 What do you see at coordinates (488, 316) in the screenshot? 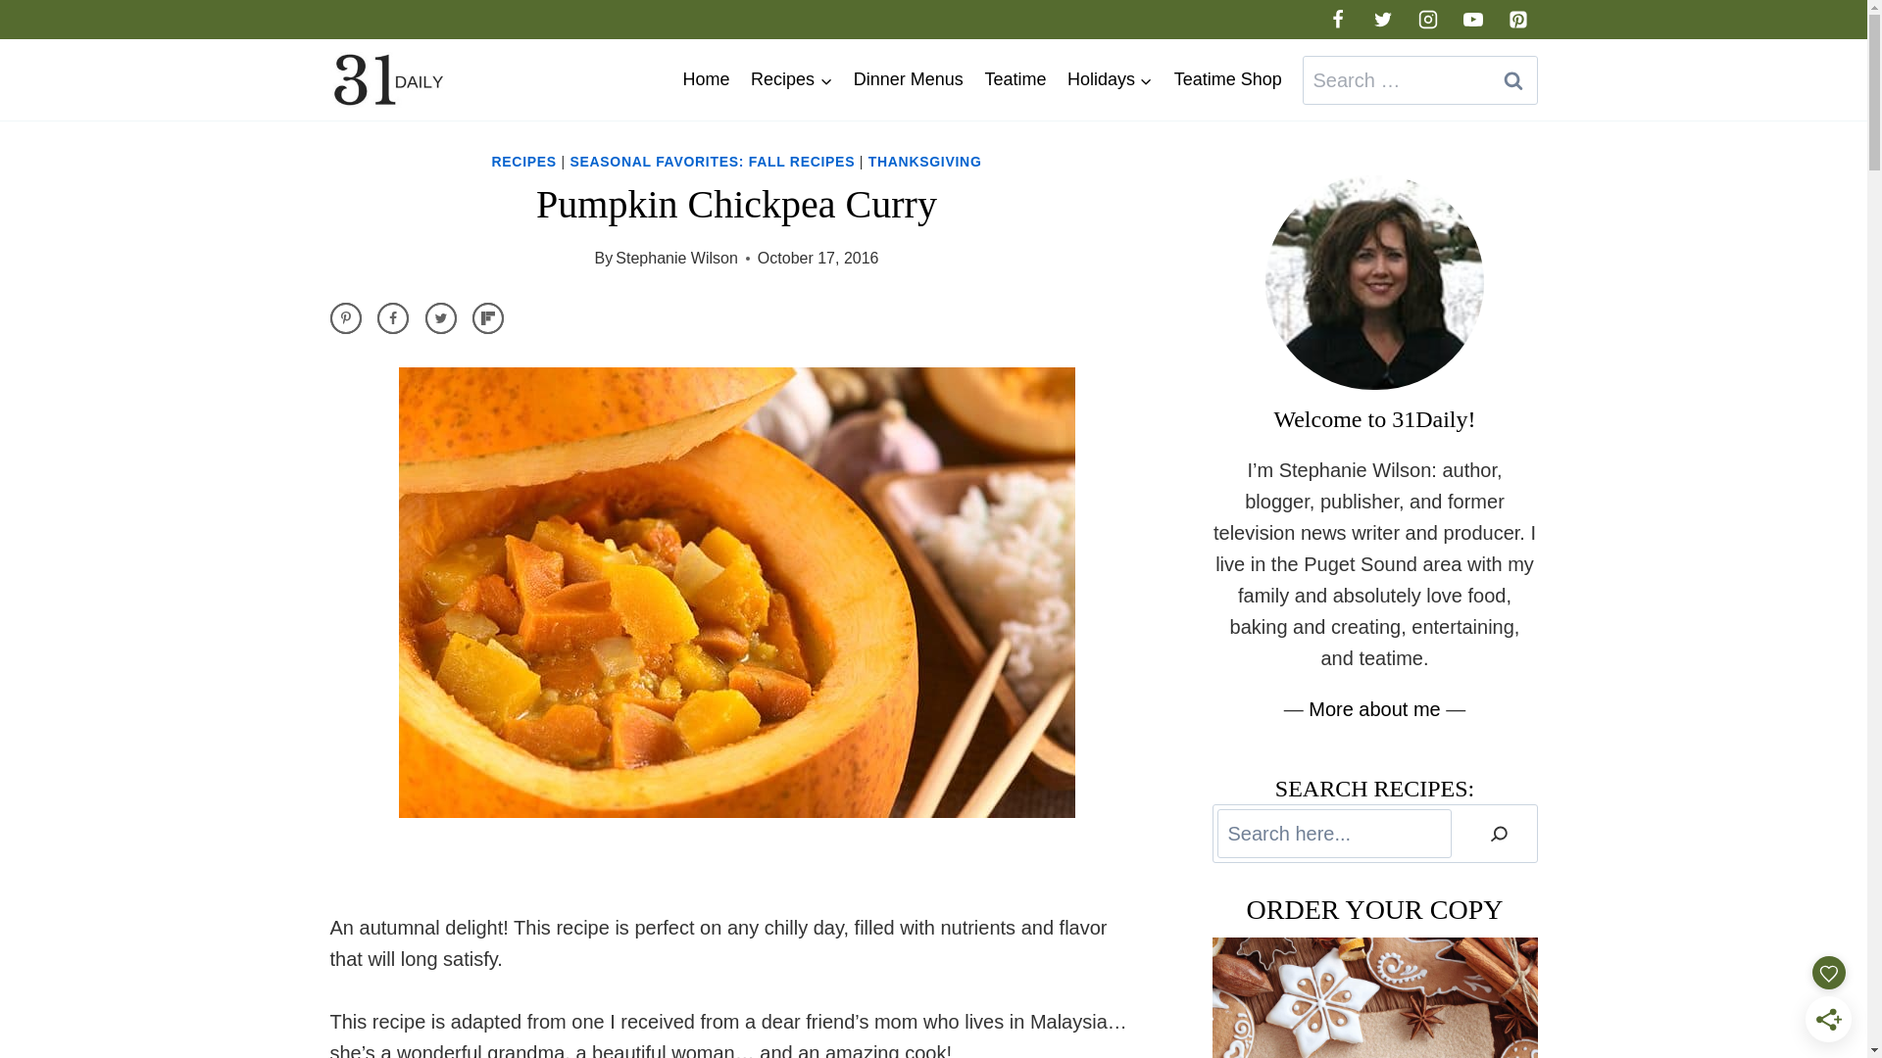
I see `'Share on Flipboard'` at bounding box center [488, 316].